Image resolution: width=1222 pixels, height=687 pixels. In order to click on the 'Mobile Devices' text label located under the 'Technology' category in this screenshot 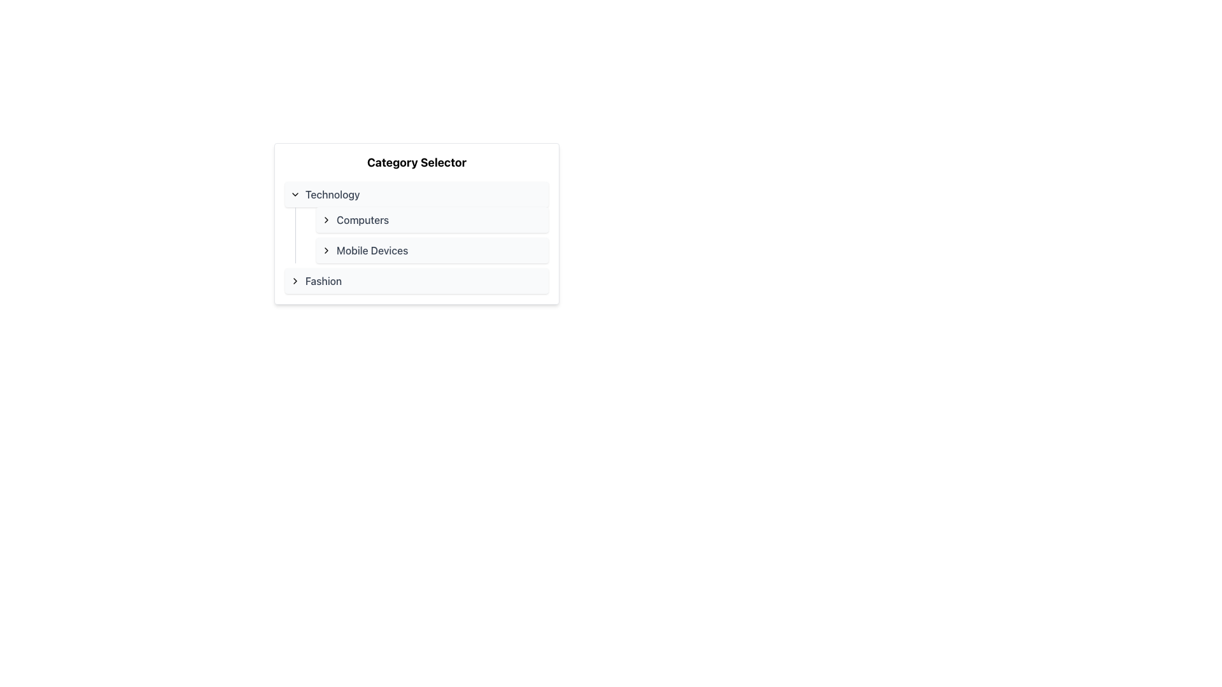, I will do `click(372, 250)`.